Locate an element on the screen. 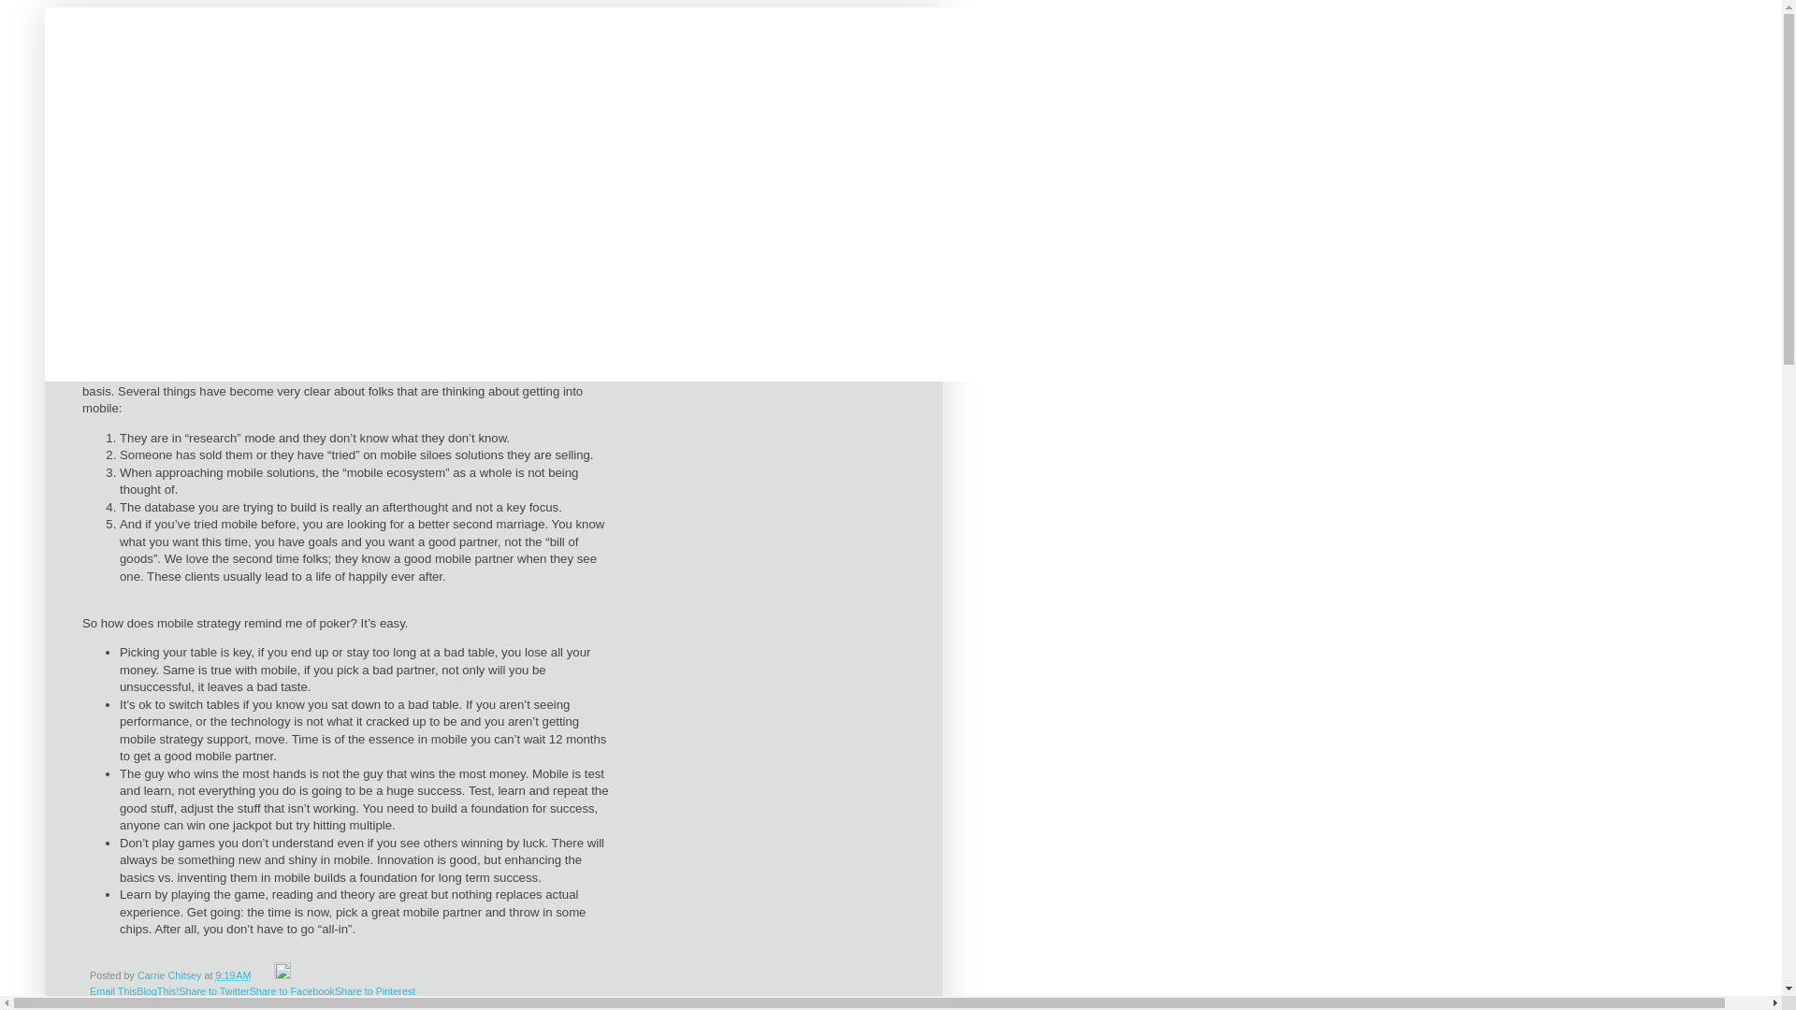 Image resolution: width=1796 pixels, height=1010 pixels. 'Email This' is located at coordinates (111, 990).